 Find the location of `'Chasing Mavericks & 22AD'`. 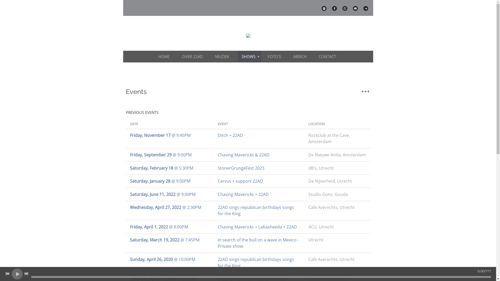

'Chasing Mavericks & 22AD' is located at coordinates (217, 154).